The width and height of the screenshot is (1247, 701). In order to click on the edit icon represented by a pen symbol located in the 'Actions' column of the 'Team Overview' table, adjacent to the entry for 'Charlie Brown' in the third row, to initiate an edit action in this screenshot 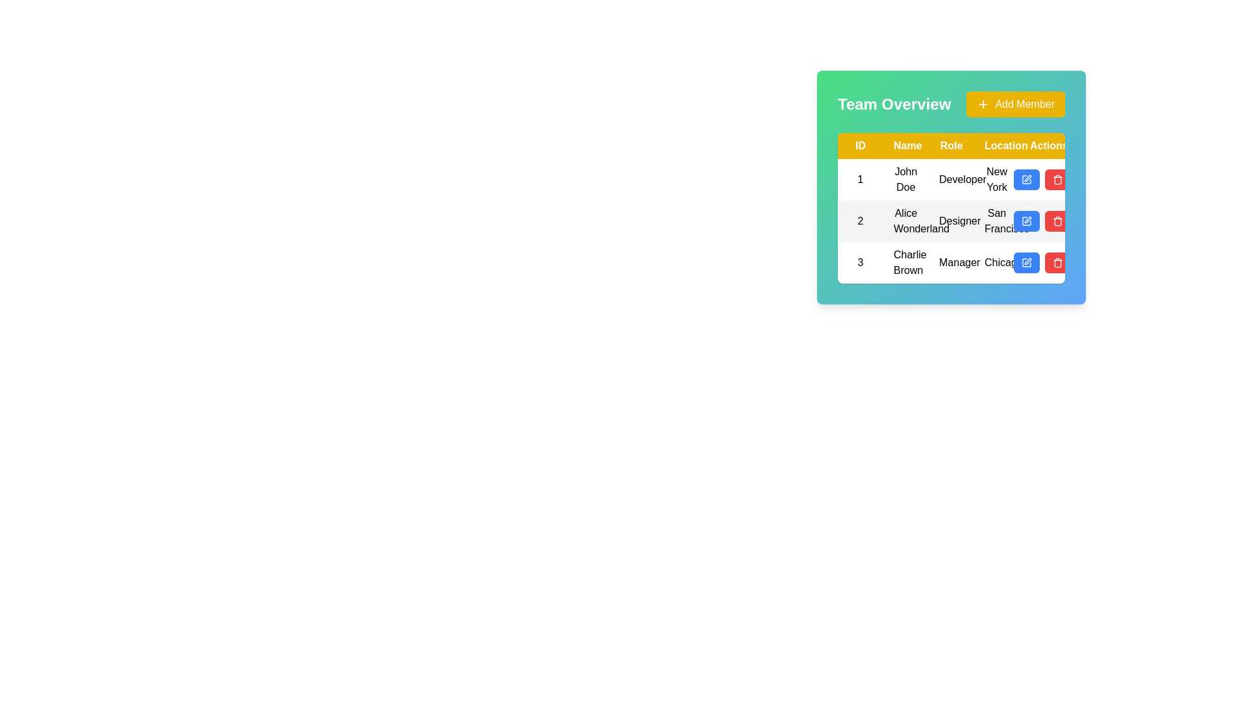, I will do `click(1027, 261)`.